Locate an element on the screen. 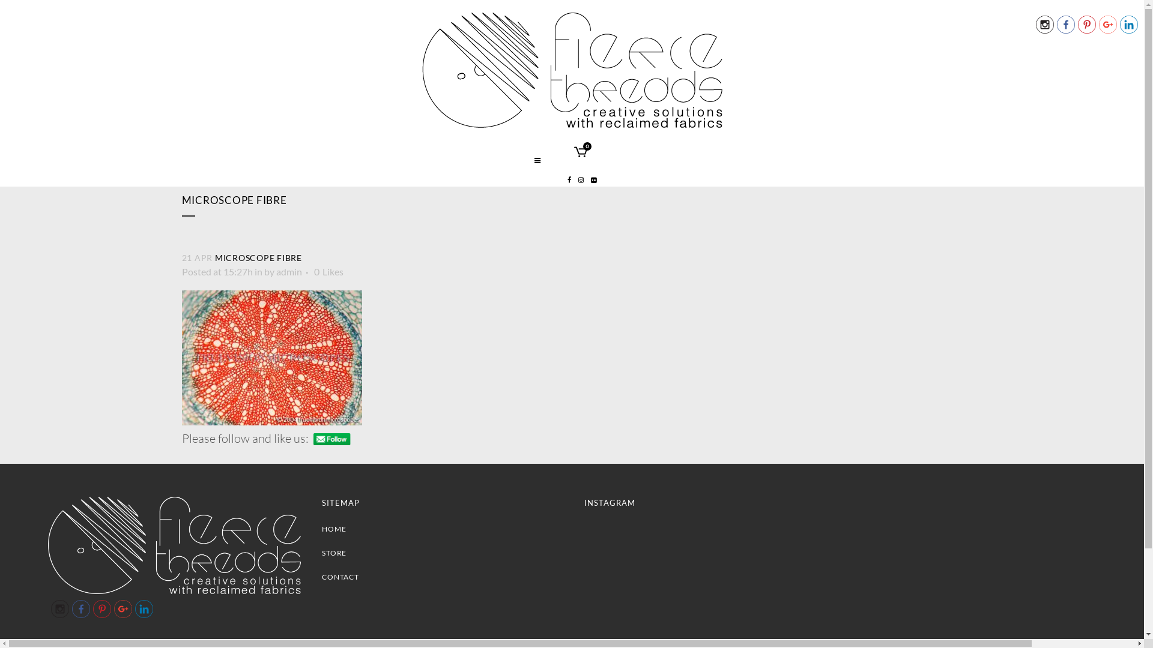 The width and height of the screenshot is (1153, 648). '0 Likes' is located at coordinates (328, 271).